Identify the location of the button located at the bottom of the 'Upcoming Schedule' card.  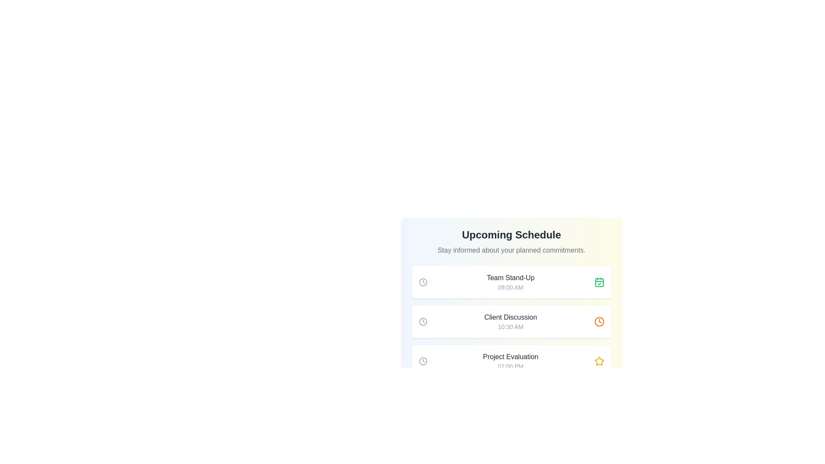
(511, 396).